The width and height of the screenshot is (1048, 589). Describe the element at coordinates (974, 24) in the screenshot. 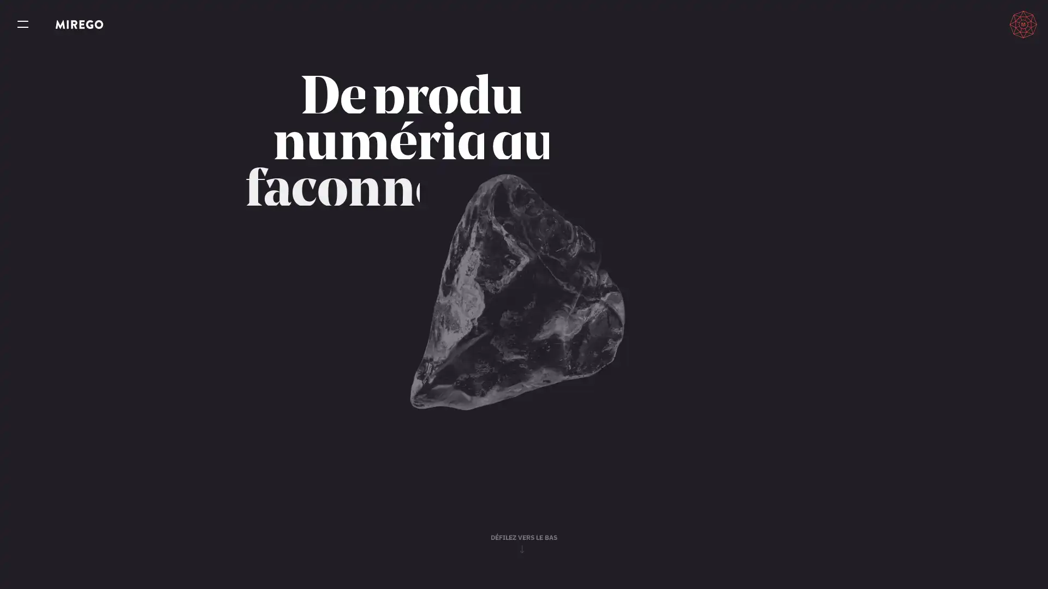

I see `Switch to English version` at that location.